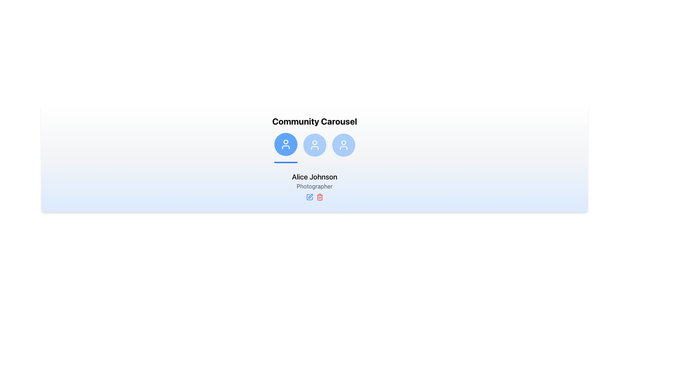 The height and width of the screenshot is (390, 694). What do you see at coordinates (343, 143) in the screenshot?
I see `the light blue circular icon representing a user profile located at the top-right of three horizontally aligned icons` at bounding box center [343, 143].